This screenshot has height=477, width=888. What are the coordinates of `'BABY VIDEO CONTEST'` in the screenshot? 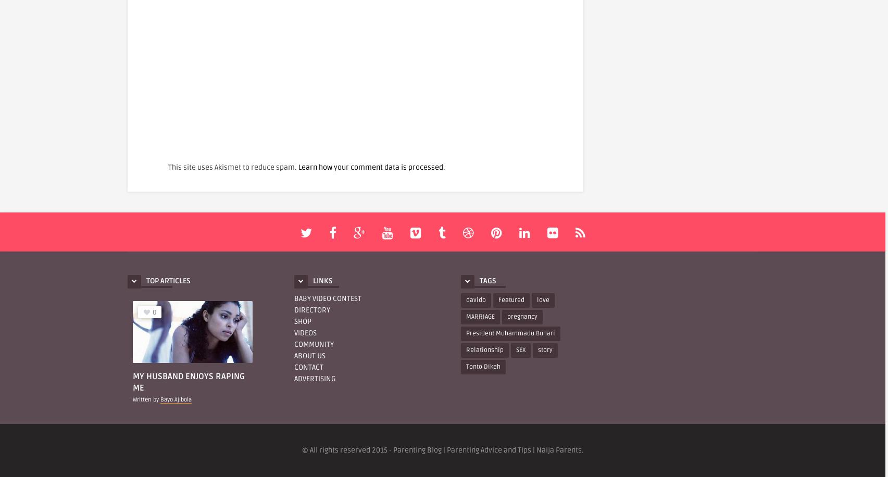 It's located at (328, 297).